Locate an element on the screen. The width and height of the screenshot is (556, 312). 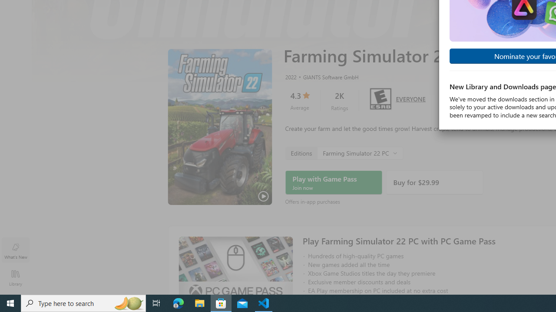
'GIANTS Software GmbH' is located at coordinates (327, 76).